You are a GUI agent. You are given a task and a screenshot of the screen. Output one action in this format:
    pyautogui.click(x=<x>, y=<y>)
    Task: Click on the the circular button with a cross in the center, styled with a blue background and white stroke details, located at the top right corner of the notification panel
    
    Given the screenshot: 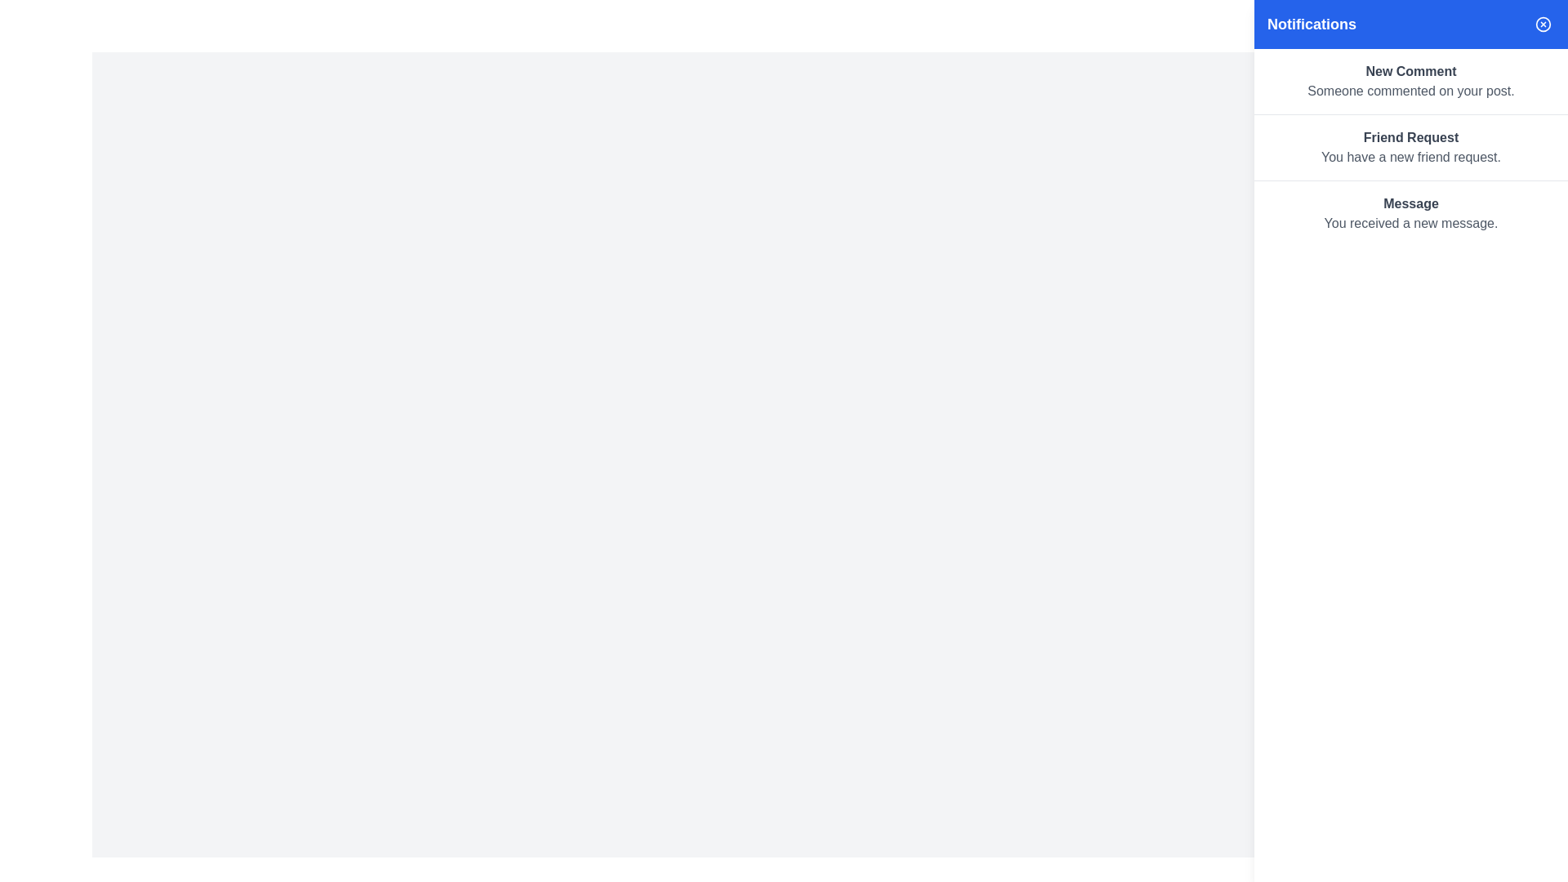 What is the action you would take?
    pyautogui.click(x=1543, y=24)
    